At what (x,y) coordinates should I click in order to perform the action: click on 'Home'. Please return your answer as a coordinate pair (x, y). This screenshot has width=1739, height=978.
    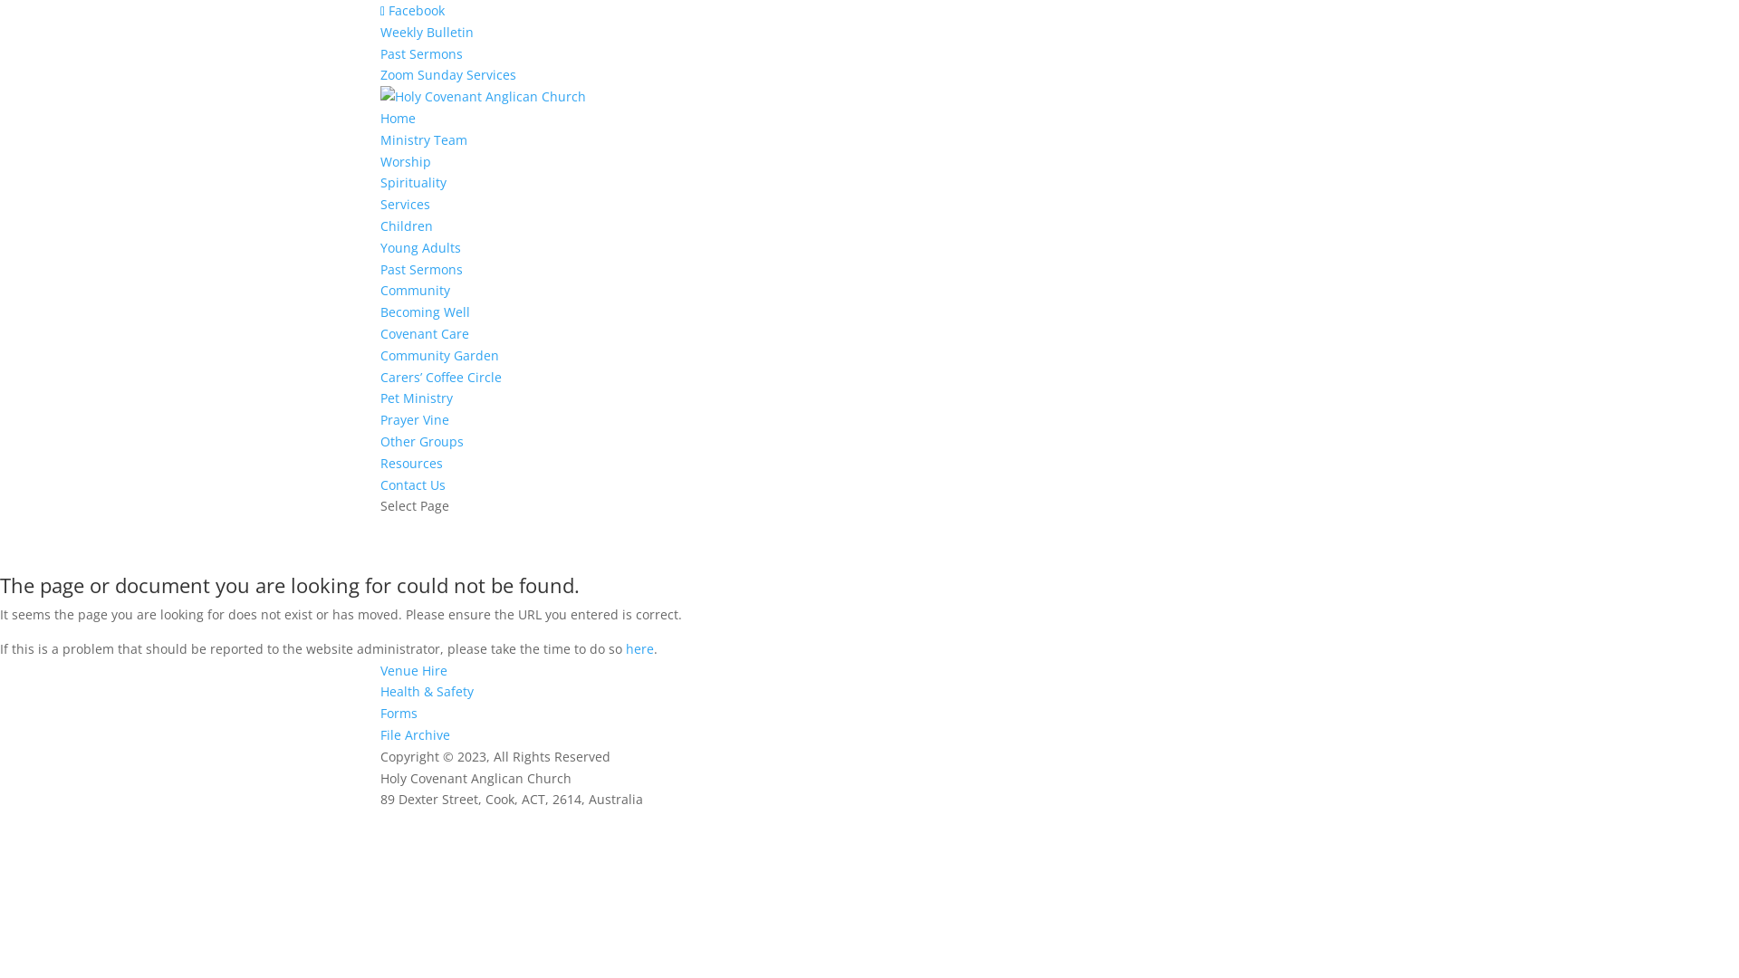
    Looking at the image, I should click on (397, 118).